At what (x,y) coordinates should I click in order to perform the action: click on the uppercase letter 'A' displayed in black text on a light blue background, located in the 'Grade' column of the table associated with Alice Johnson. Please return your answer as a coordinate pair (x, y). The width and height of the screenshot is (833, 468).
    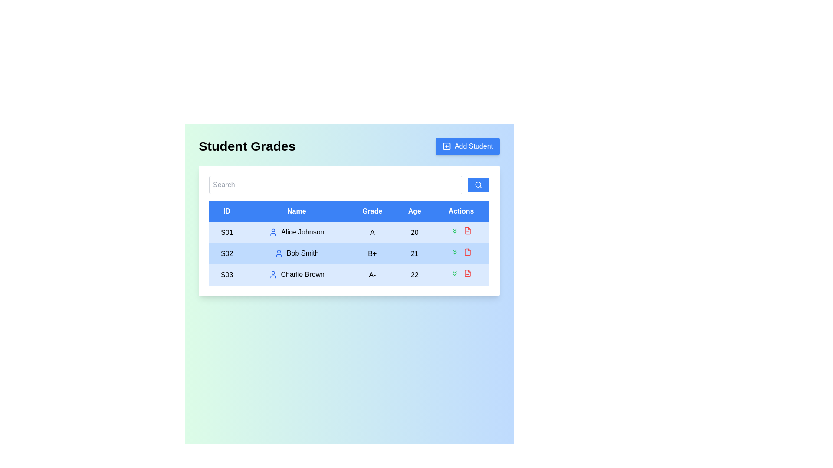
    Looking at the image, I should click on (372, 232).